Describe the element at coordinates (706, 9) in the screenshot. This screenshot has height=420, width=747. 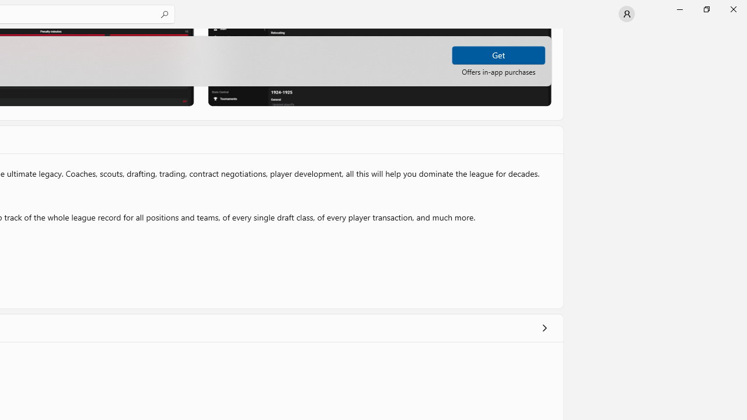
I see `'Restore Microsoft Store'` at that location.